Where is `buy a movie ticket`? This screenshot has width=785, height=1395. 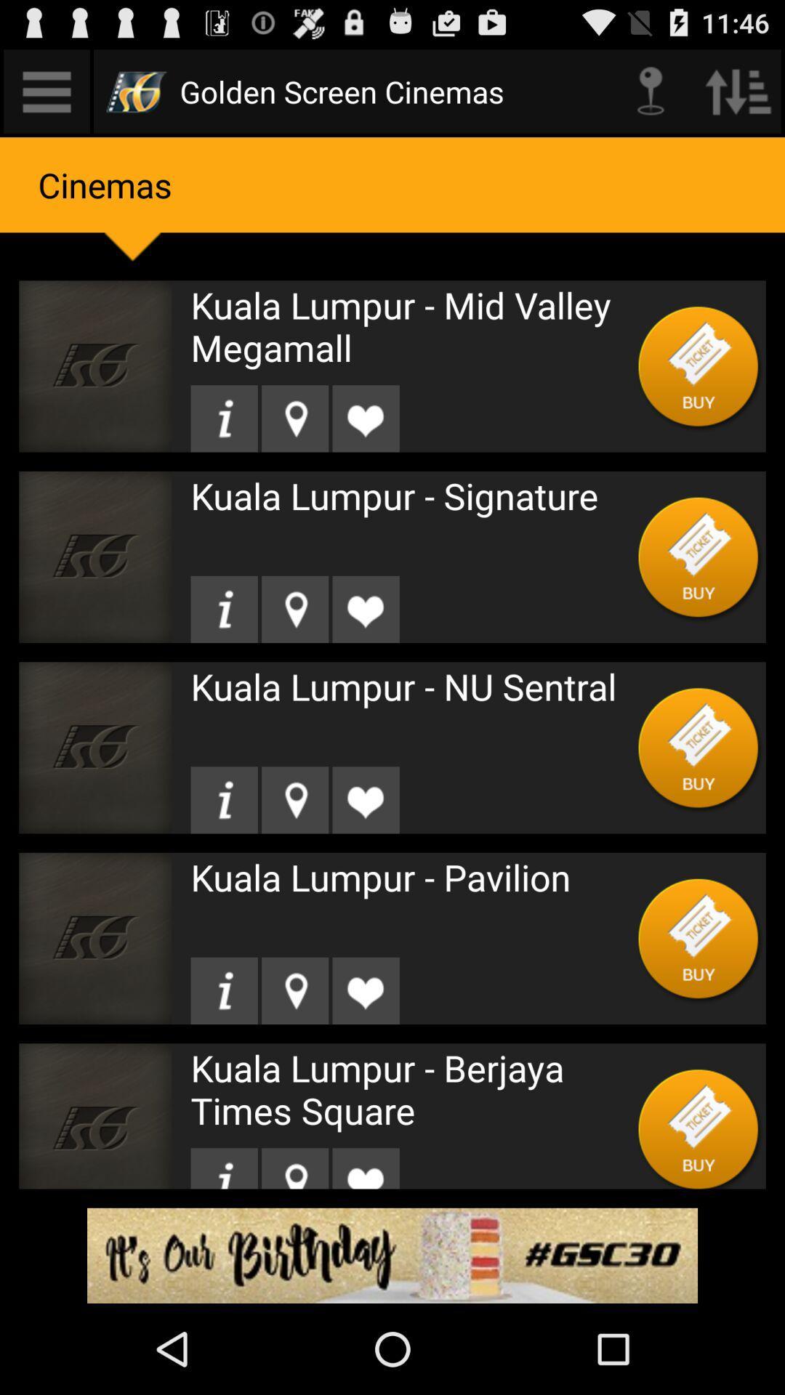
buy a movie ticket is located at coordinates (698, 366).